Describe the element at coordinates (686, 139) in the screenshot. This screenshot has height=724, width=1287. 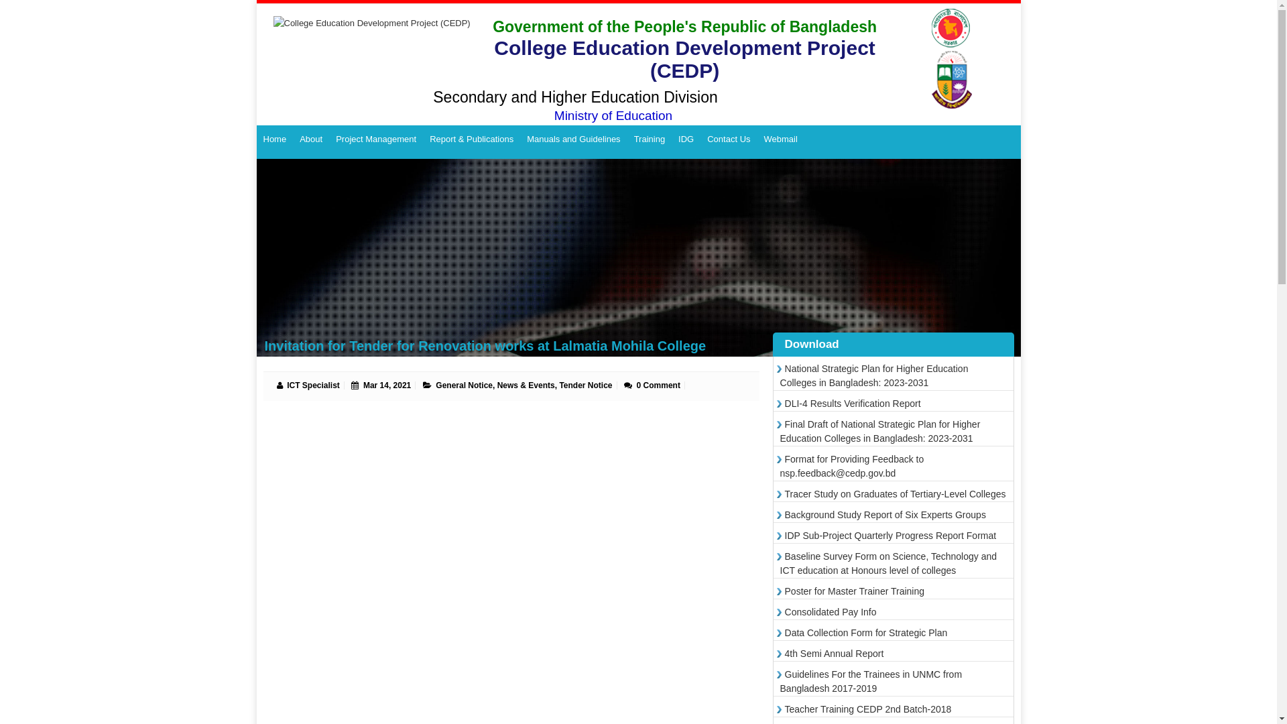
I see `'IDG'` at that location.